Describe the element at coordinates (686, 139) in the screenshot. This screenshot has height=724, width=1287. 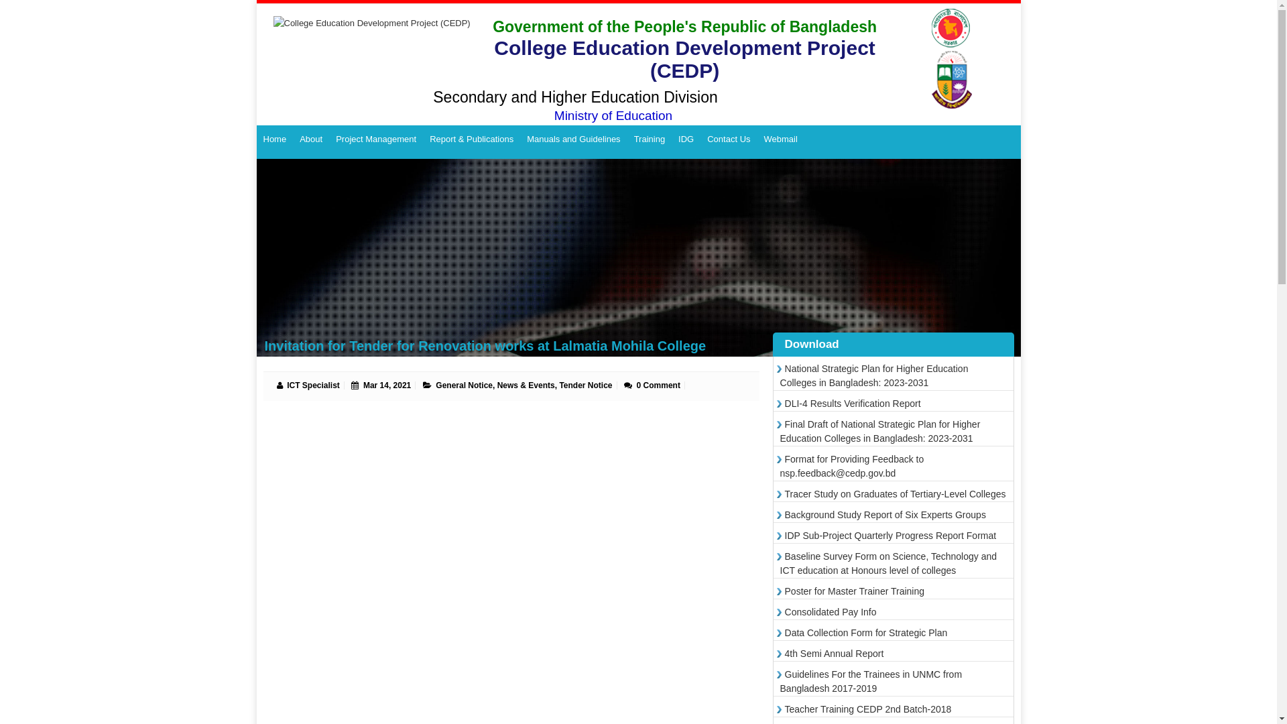
I see `'IDG'` at that location.